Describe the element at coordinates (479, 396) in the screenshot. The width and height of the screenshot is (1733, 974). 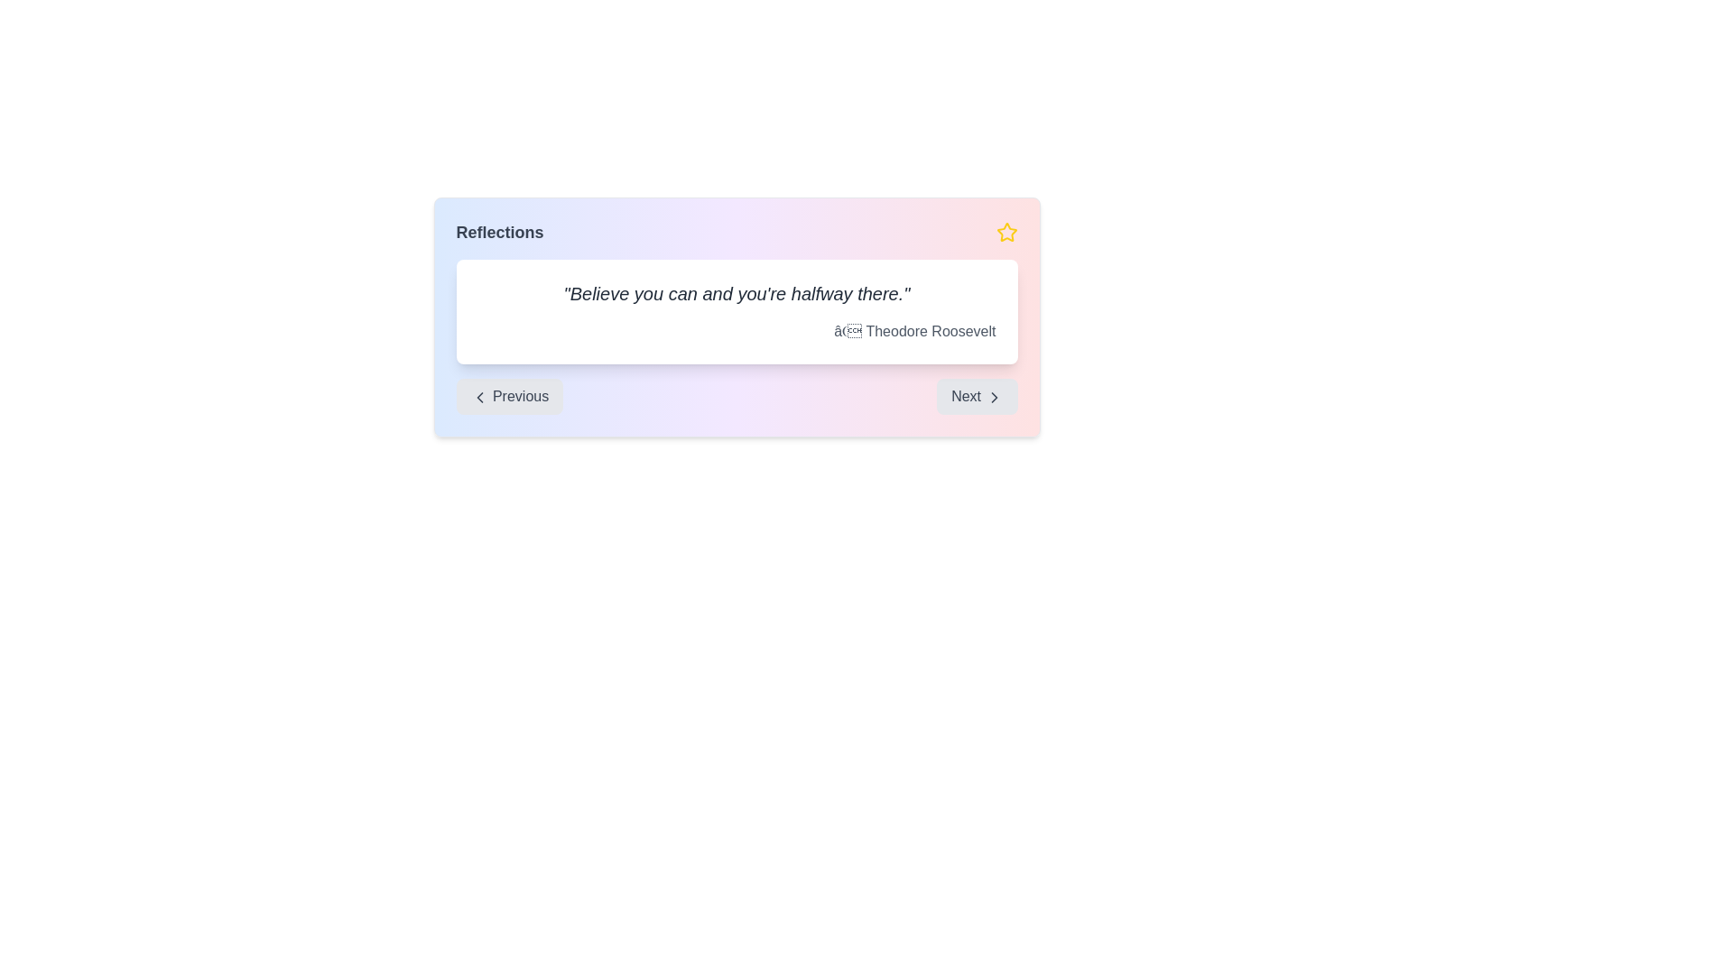
I see `the leftward pointing chevron icon within the 'Previous' button` at that location.